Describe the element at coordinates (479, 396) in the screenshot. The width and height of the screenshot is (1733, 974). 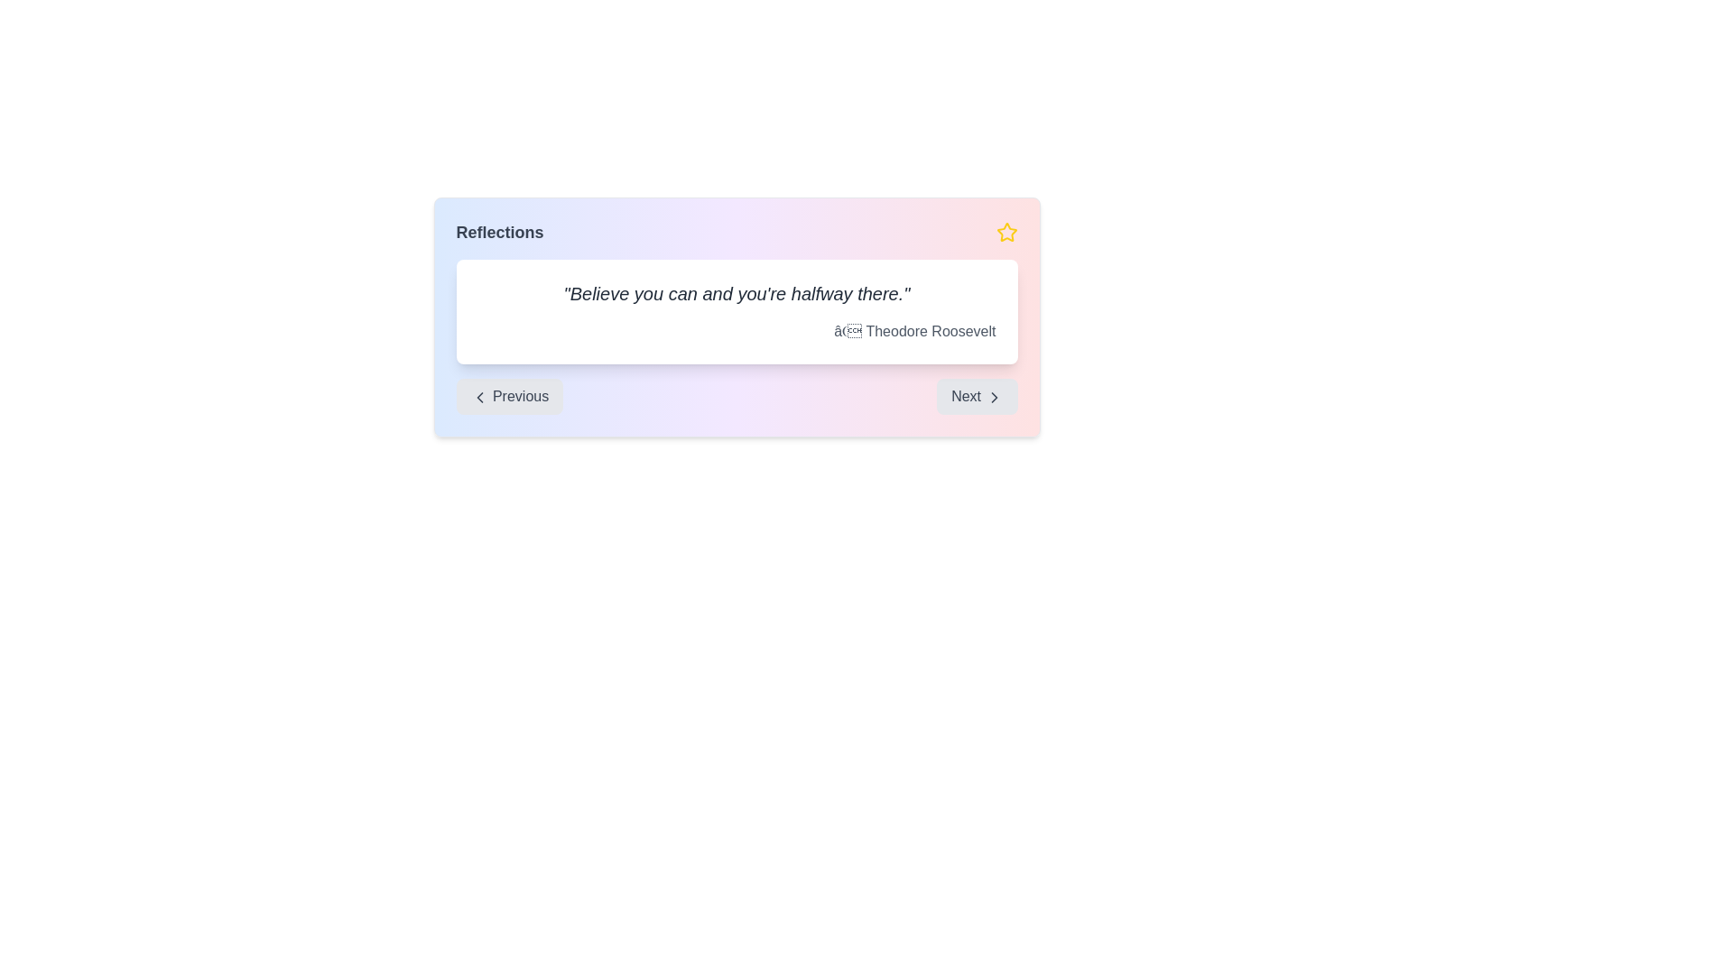
I see `the leftward pointing chevron icon within the 'Previous' button` at that location.